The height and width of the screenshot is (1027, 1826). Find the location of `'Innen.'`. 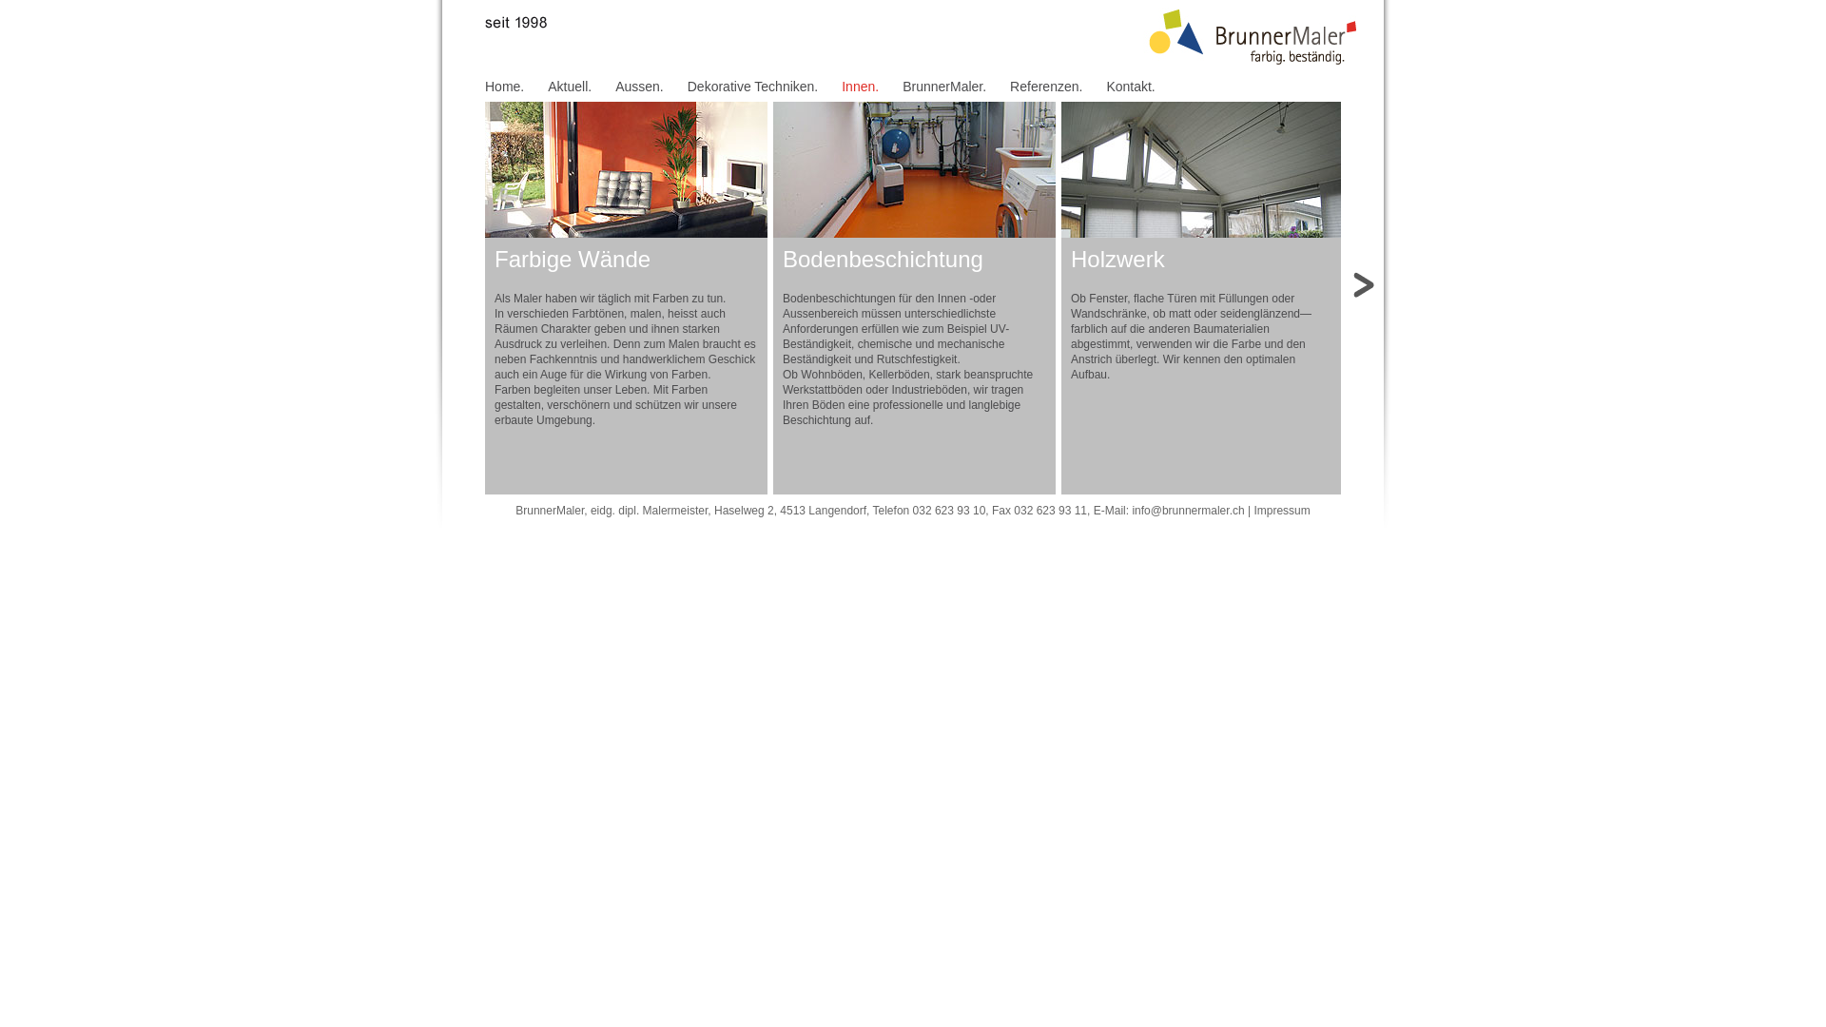

'Innen.' is located at coordinates (840, 87).